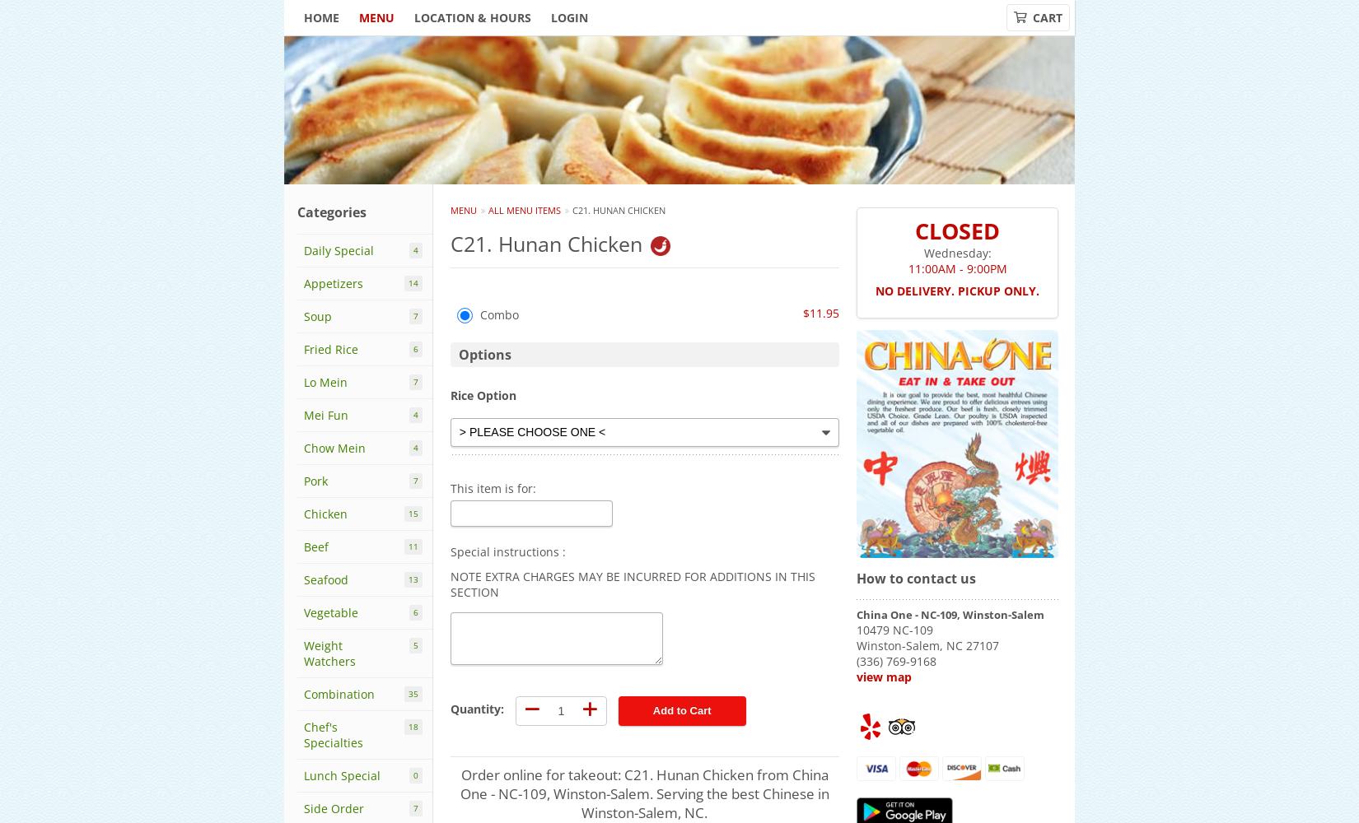  What do you see at coordinates (894, 630) in the screenshot?
I see `'10479 NC-109'` at bounding box center [894, 630].